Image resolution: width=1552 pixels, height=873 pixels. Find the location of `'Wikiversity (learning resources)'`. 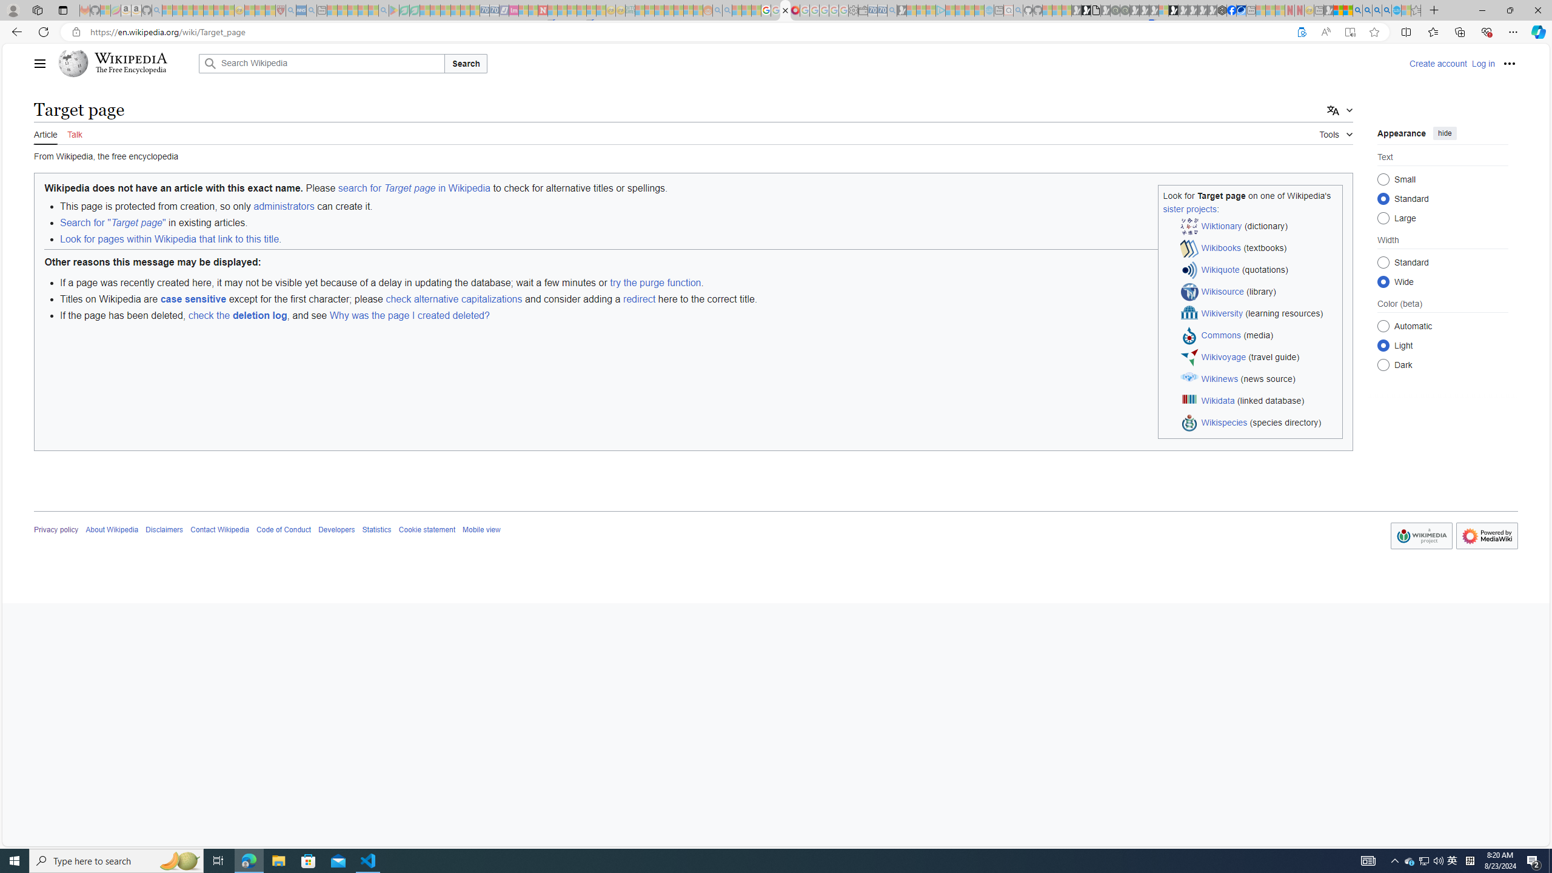

'Wikiversity (learning resources)' is located at coordinates (1259, 313).